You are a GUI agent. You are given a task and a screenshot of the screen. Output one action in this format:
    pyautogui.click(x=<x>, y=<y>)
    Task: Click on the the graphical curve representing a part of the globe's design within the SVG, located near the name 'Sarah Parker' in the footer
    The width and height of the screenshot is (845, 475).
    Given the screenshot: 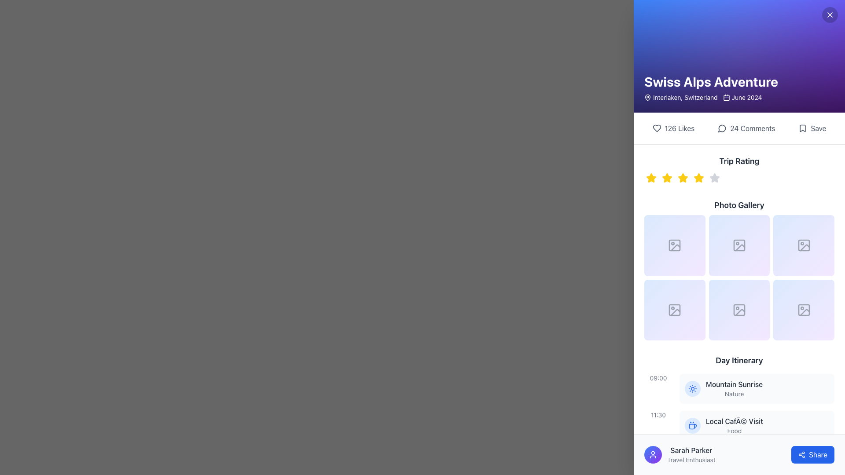 What is the action you would take?
    pyautogui.click(x=692, y=462)
    